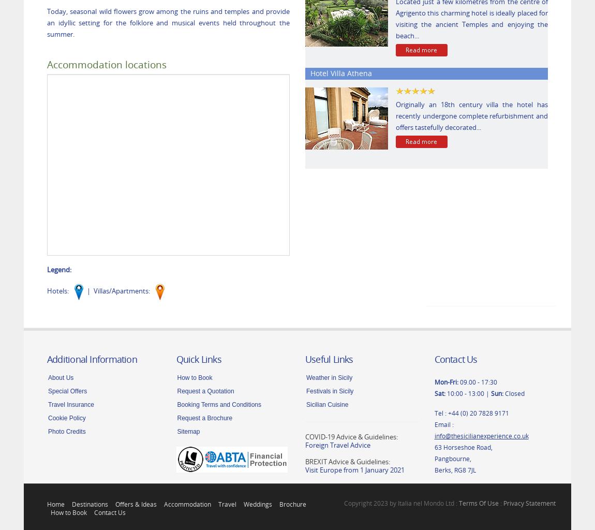 The width and height of the screenshot is (595, 530). I want to click on 'Tel : +44 (0) 20 7828 9171', so click(471, 412).